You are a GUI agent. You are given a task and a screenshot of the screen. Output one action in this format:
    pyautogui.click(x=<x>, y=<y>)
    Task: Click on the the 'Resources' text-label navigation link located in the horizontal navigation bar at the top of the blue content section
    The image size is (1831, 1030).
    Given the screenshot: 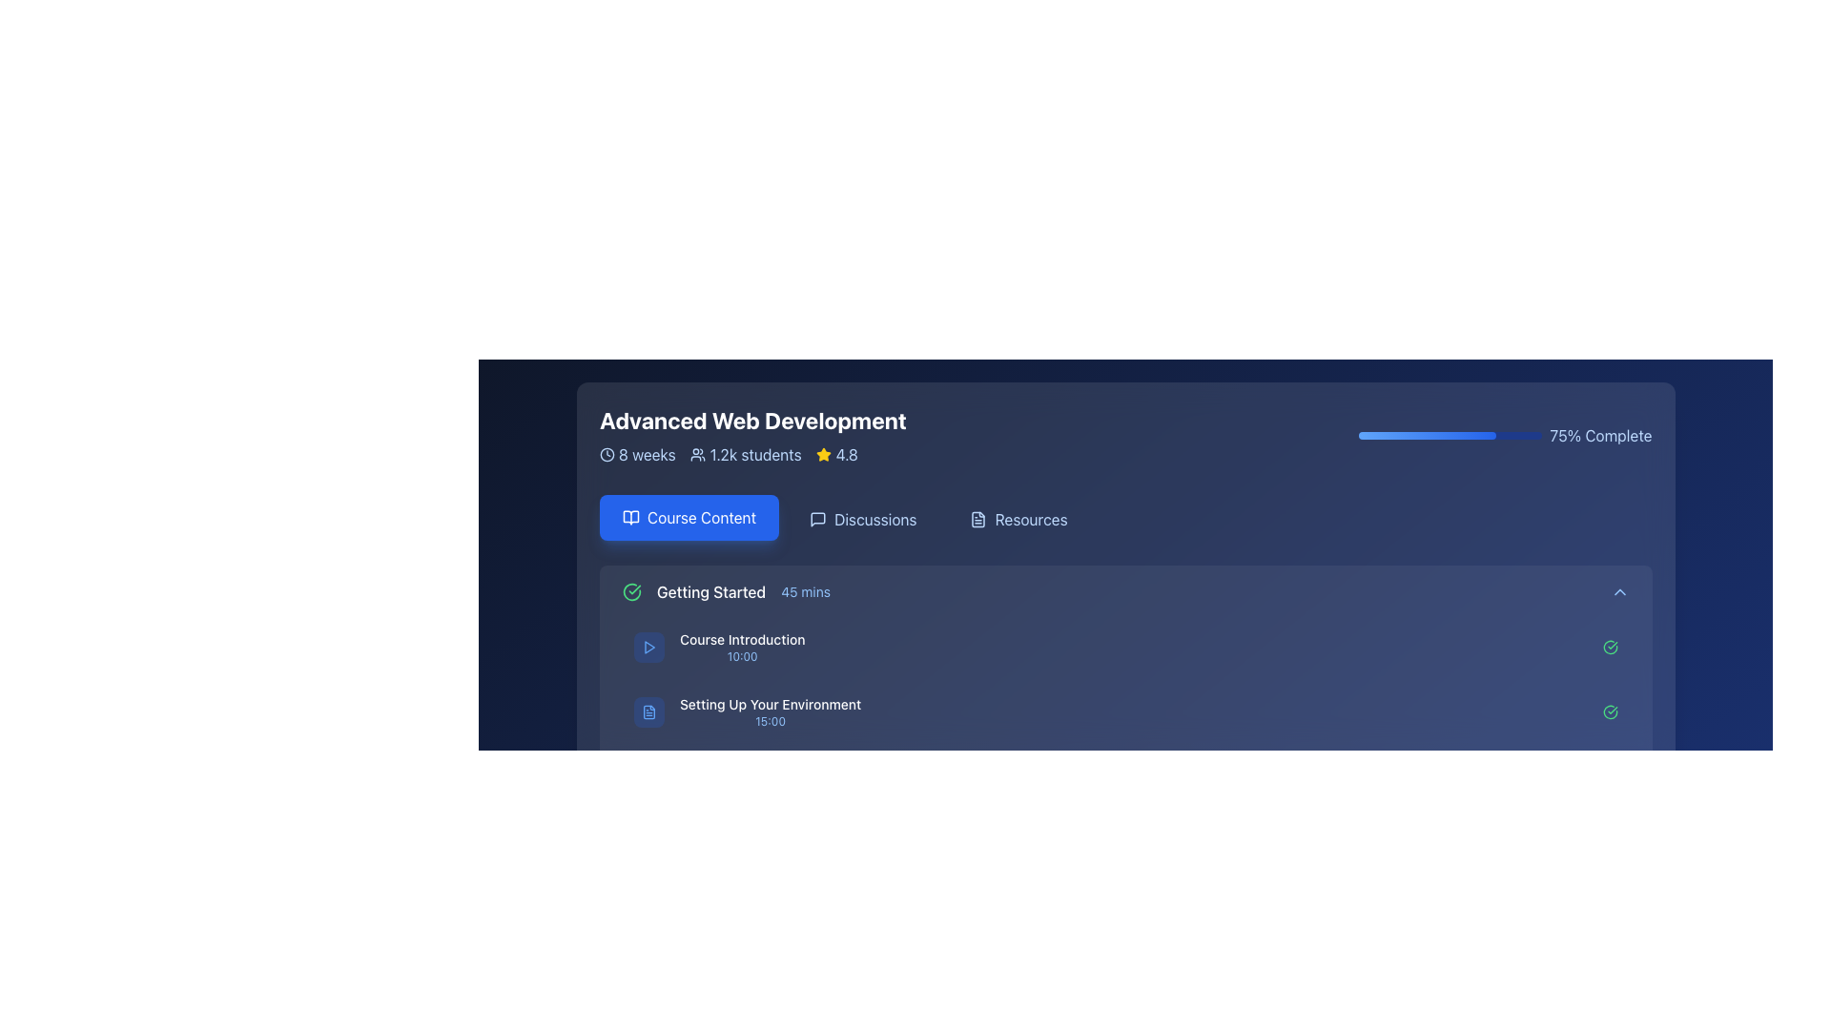 What is the action you would take?
    pyautogui.click(x=1030, y=519)
    